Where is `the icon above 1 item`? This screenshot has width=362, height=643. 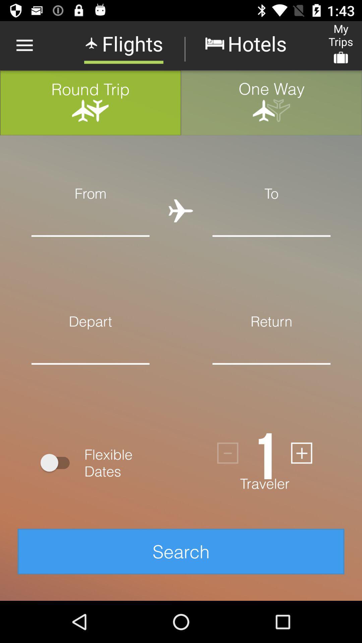 the icon above 1 item is located at coordinates (271, 374).